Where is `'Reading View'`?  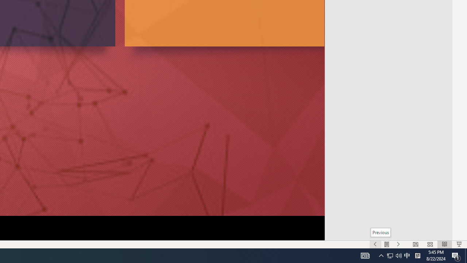 'Reading View' is located at coordinates (444, 244).